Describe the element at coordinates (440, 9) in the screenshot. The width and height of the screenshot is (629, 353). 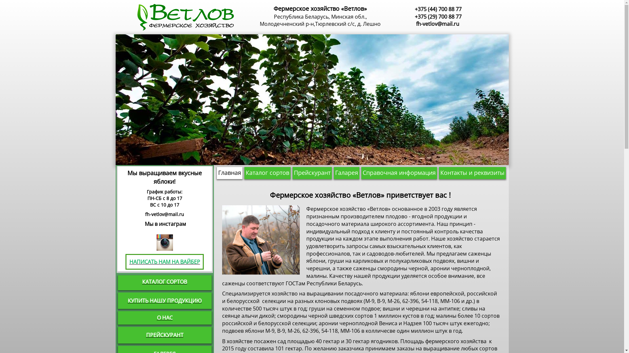
I see `'375 (44) 700 88 77'` at that location.